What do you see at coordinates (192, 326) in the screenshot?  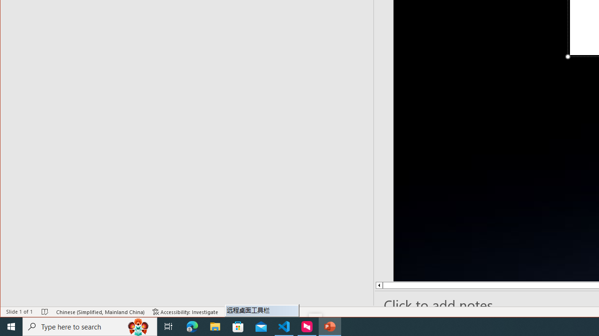 I see `'Microsoft Edge'` at bounding box center [192, 326].